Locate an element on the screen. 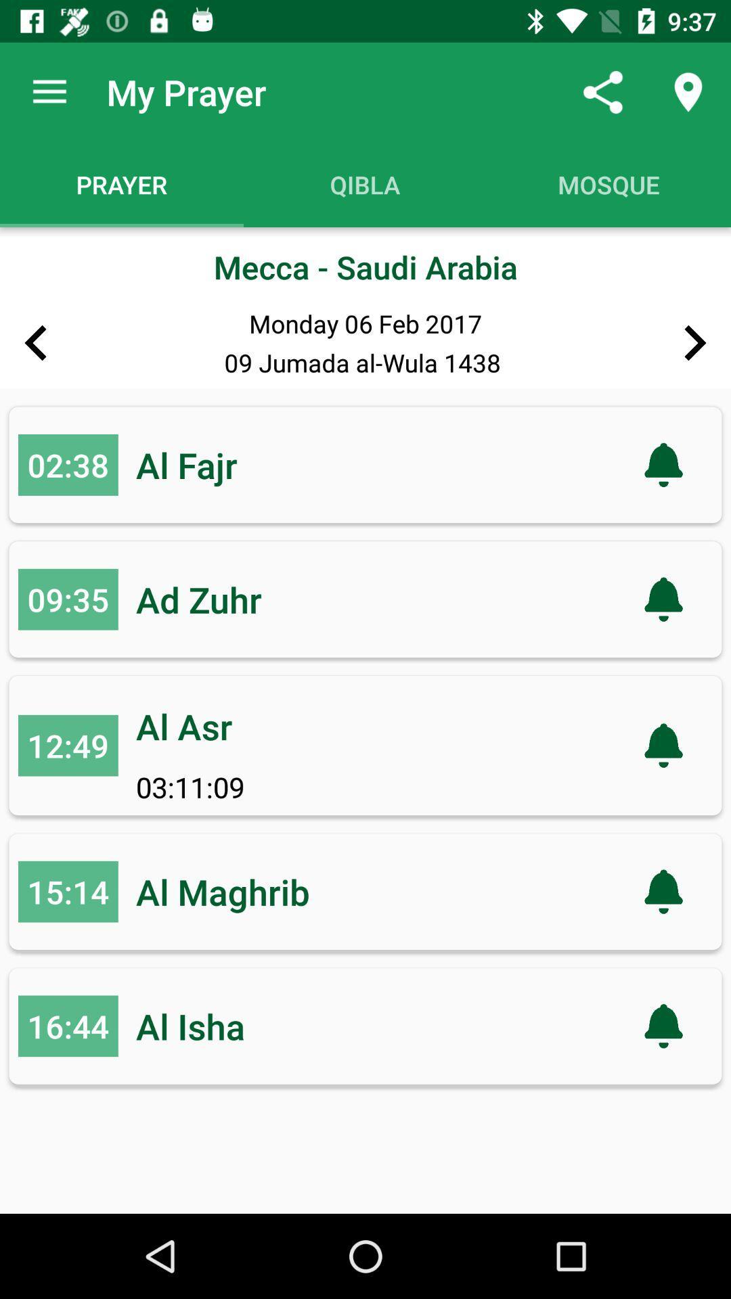  the arrow_backward icon is located at coordinates (35, 343).